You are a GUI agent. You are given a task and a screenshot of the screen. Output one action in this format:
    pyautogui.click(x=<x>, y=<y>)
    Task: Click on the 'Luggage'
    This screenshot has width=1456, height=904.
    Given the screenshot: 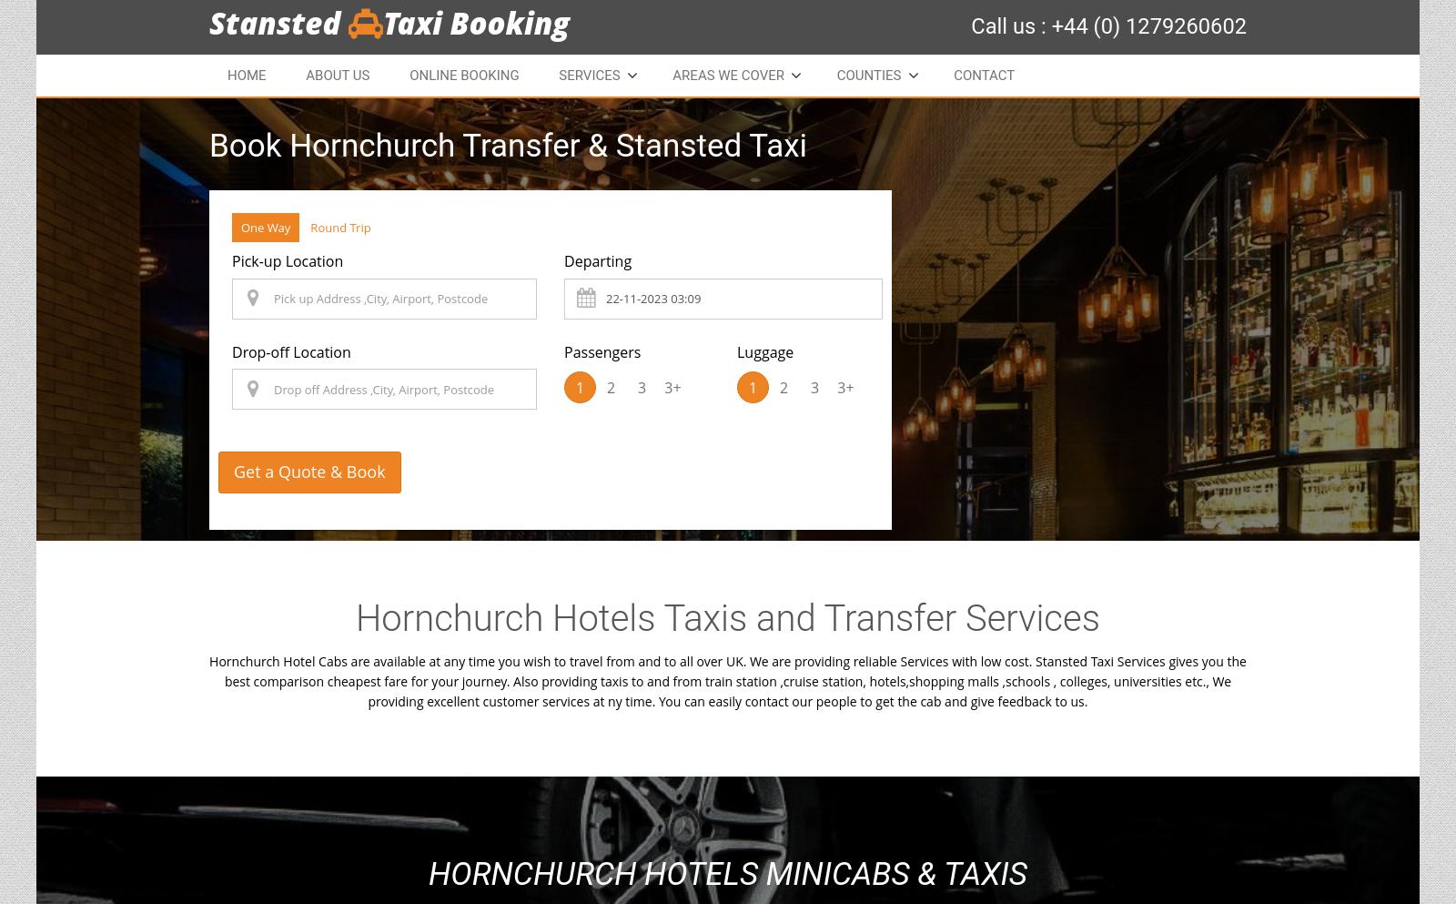 What is the action you would take?
    pyautogui.click(x=763, y=350)
    